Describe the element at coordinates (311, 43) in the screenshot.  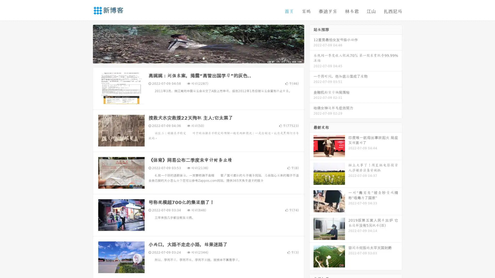
I see `Next slide` at that location.